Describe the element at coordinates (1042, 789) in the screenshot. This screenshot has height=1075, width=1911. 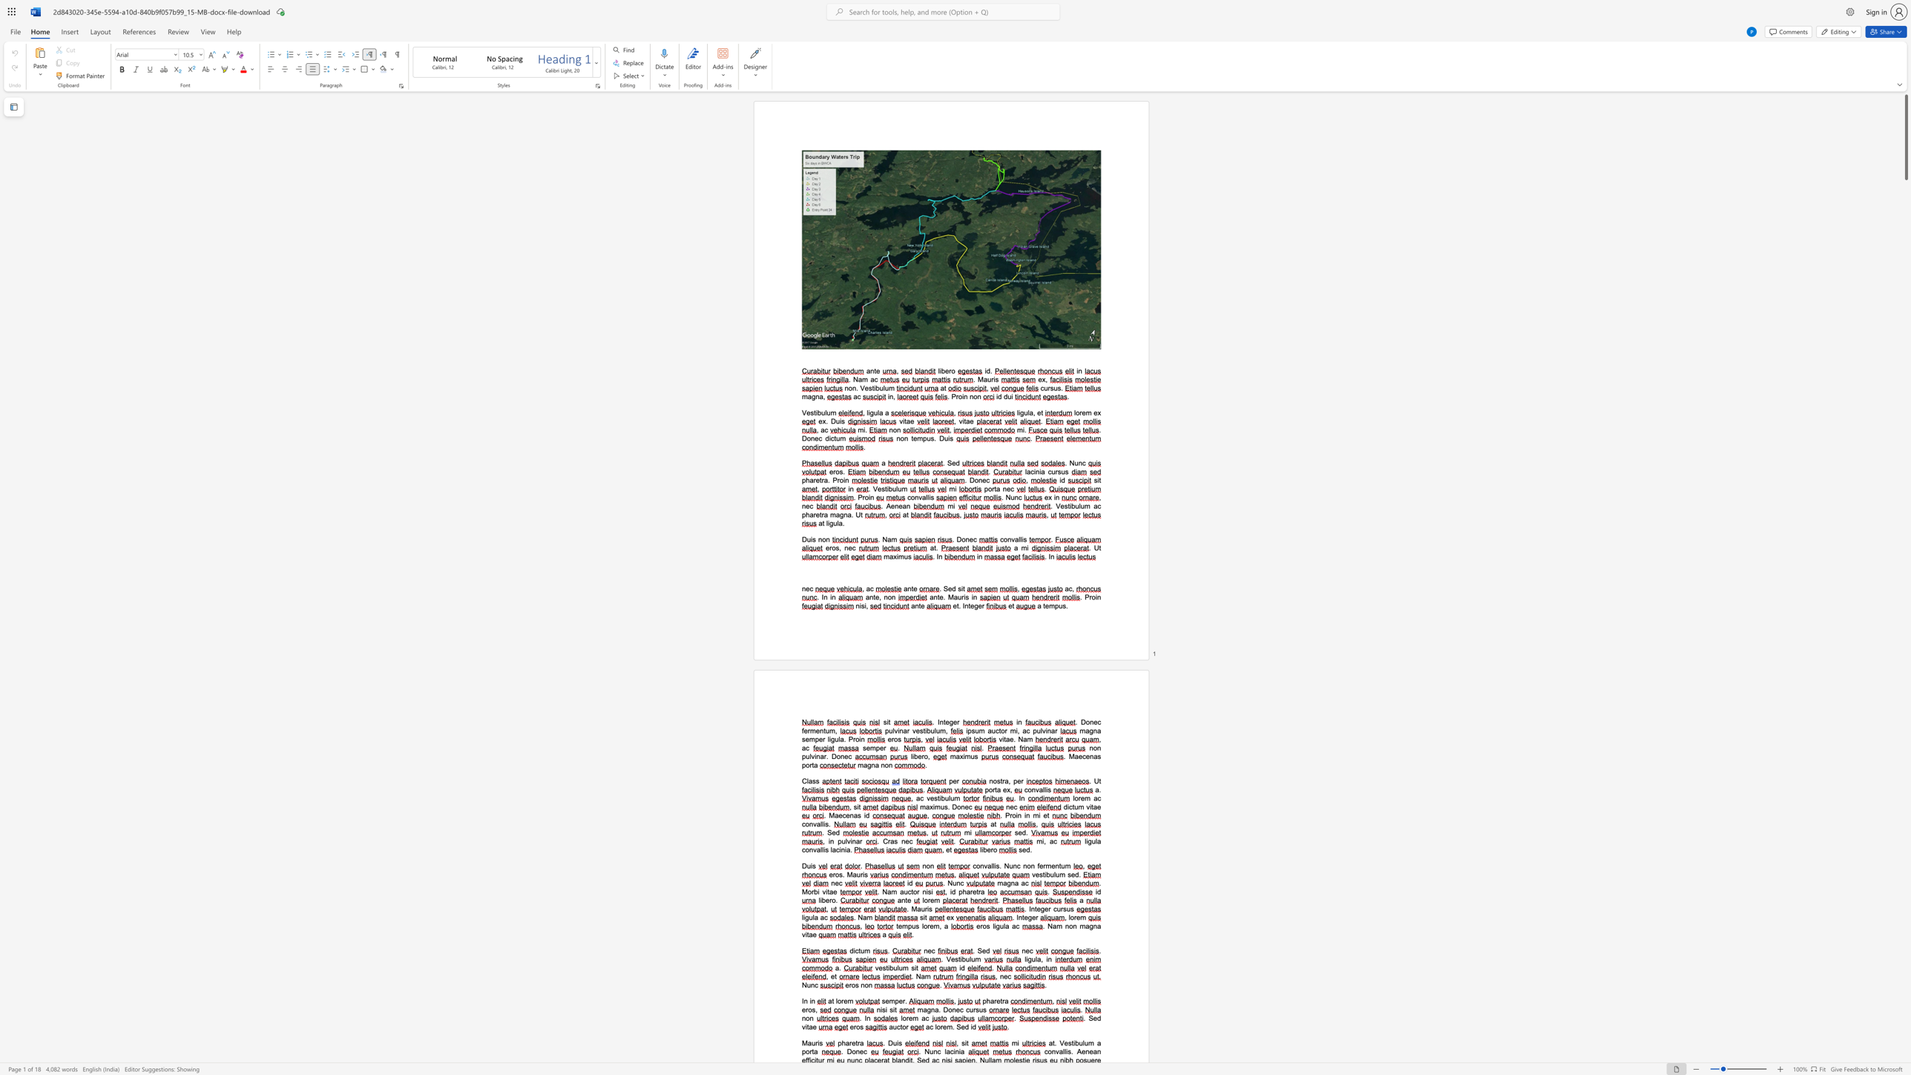
I see `the space between the continuous character "a" and "l" in the text` at that location.